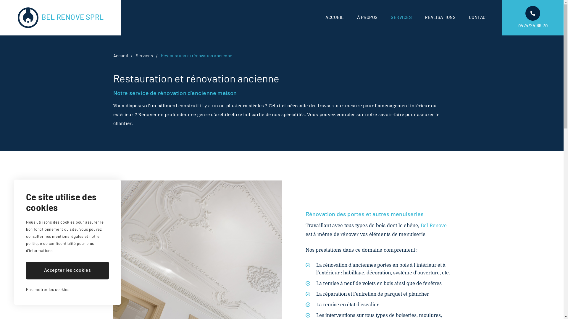  Describe the element at coordinates (325, 17) in the screenshot. I see `'ACCUEIL'` at that location.